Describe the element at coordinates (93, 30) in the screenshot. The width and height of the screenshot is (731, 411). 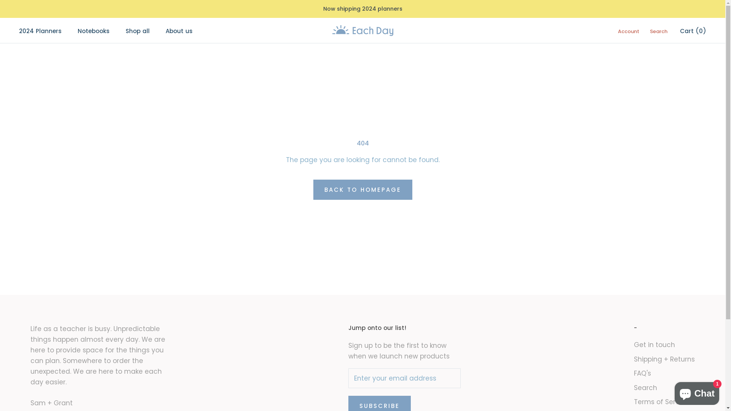
I see `'Notebooks` at that location.